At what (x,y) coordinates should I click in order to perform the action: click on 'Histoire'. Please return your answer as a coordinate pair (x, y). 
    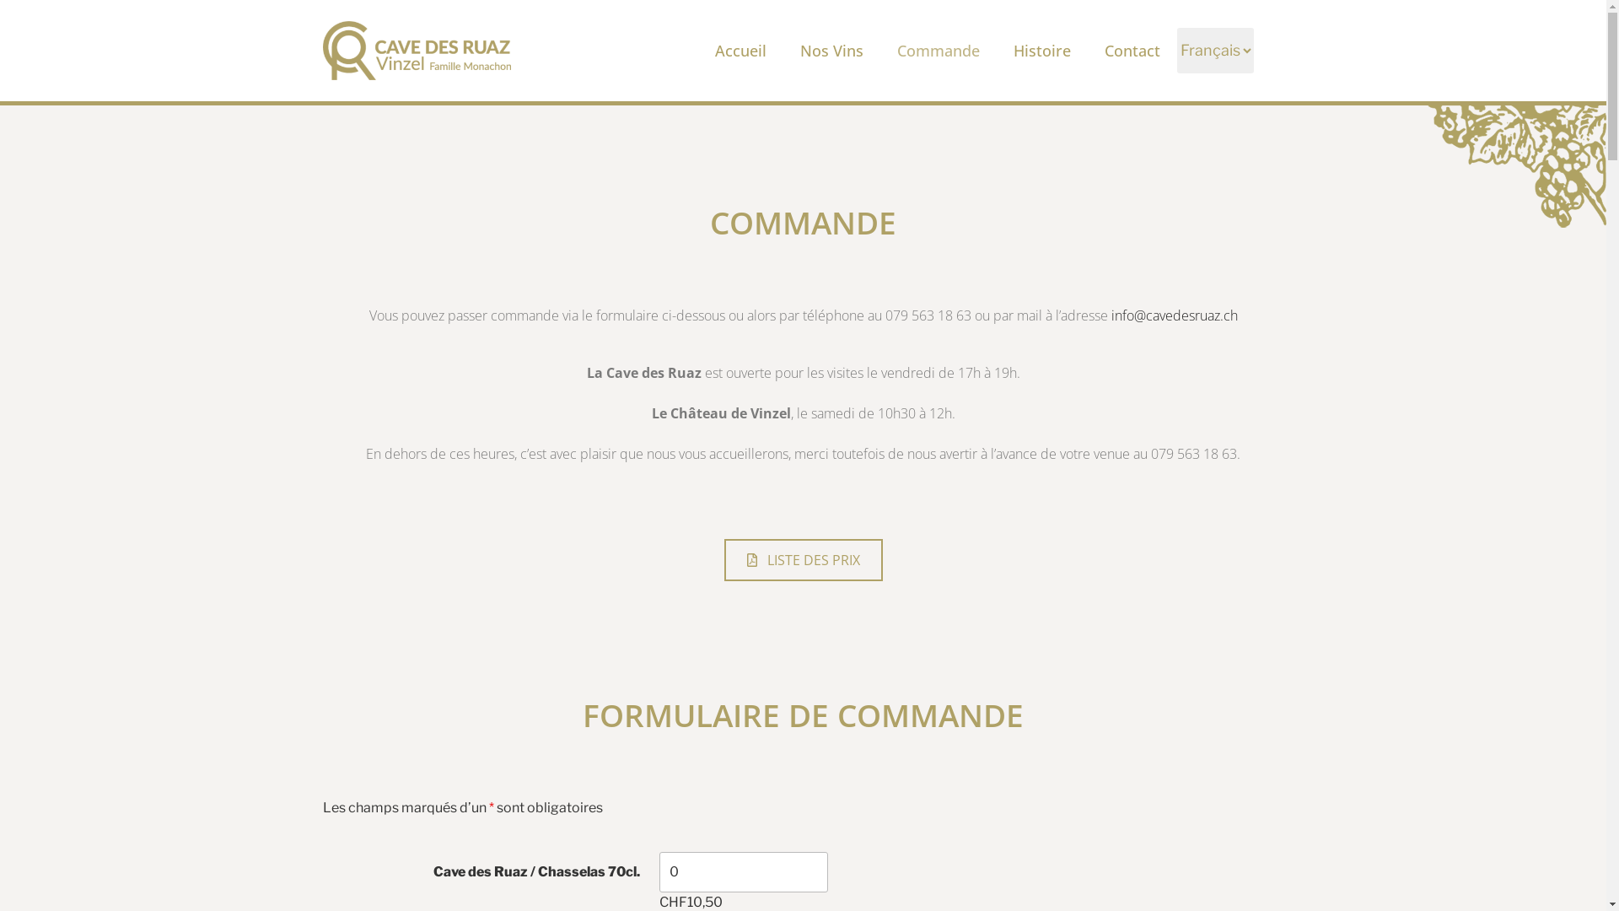
    Looking at the image, I should click on (1041, 50).